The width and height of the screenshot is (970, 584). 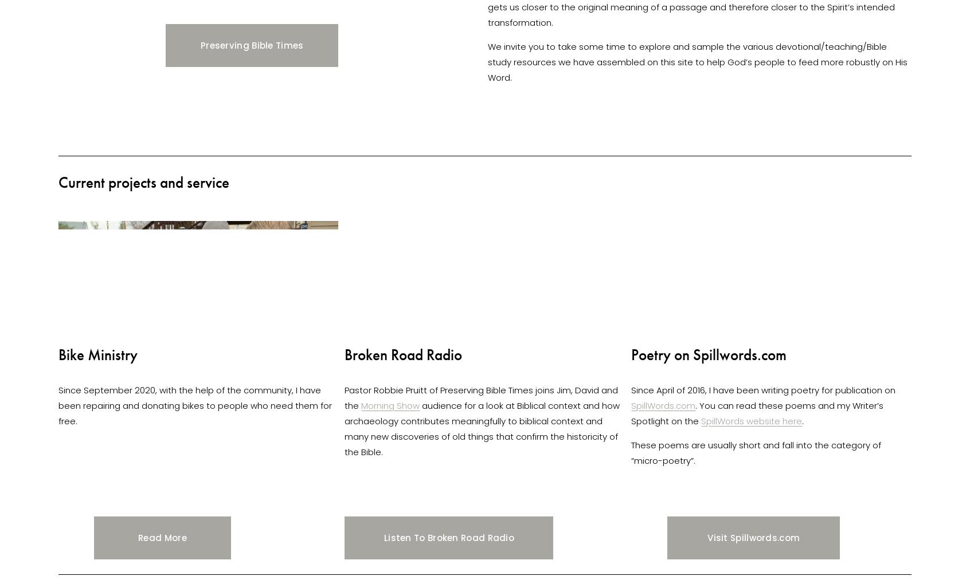 What do you see at coordinates (97, 353) in the screenshot?
I see `'Bike Ministry'` at bounding box center [97, 353].